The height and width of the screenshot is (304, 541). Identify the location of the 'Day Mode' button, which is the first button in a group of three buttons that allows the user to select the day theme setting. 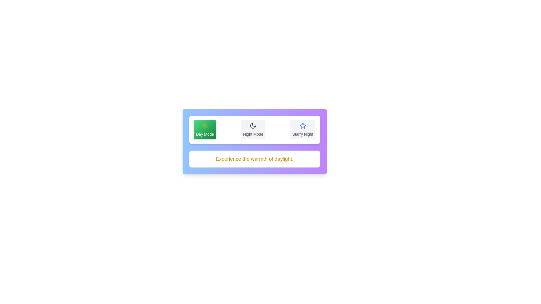
(205, 130).